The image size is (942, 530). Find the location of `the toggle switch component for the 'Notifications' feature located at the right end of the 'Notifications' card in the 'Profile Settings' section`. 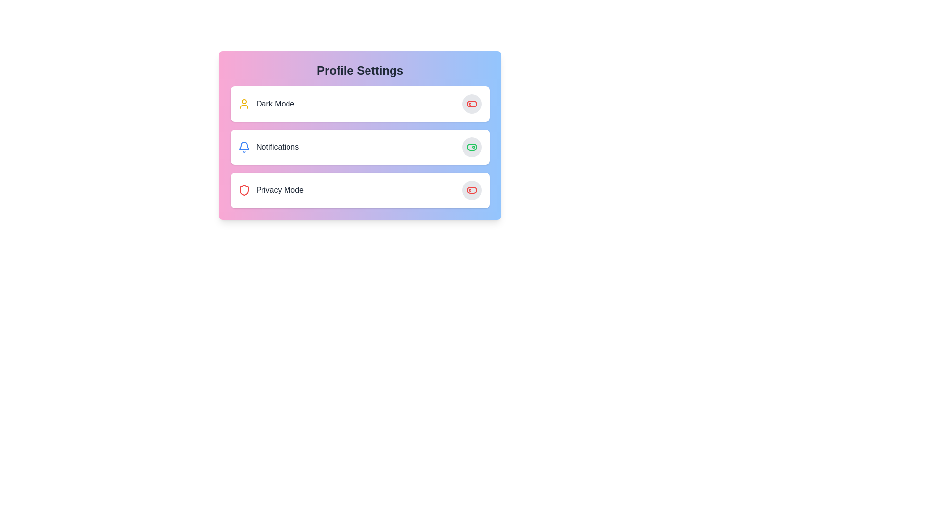

the toggle switch component for the 'Notifications' feature located at the right end of the 'Notifications' card in the 'Profile Settings' section is located at coordinates (471, 147).